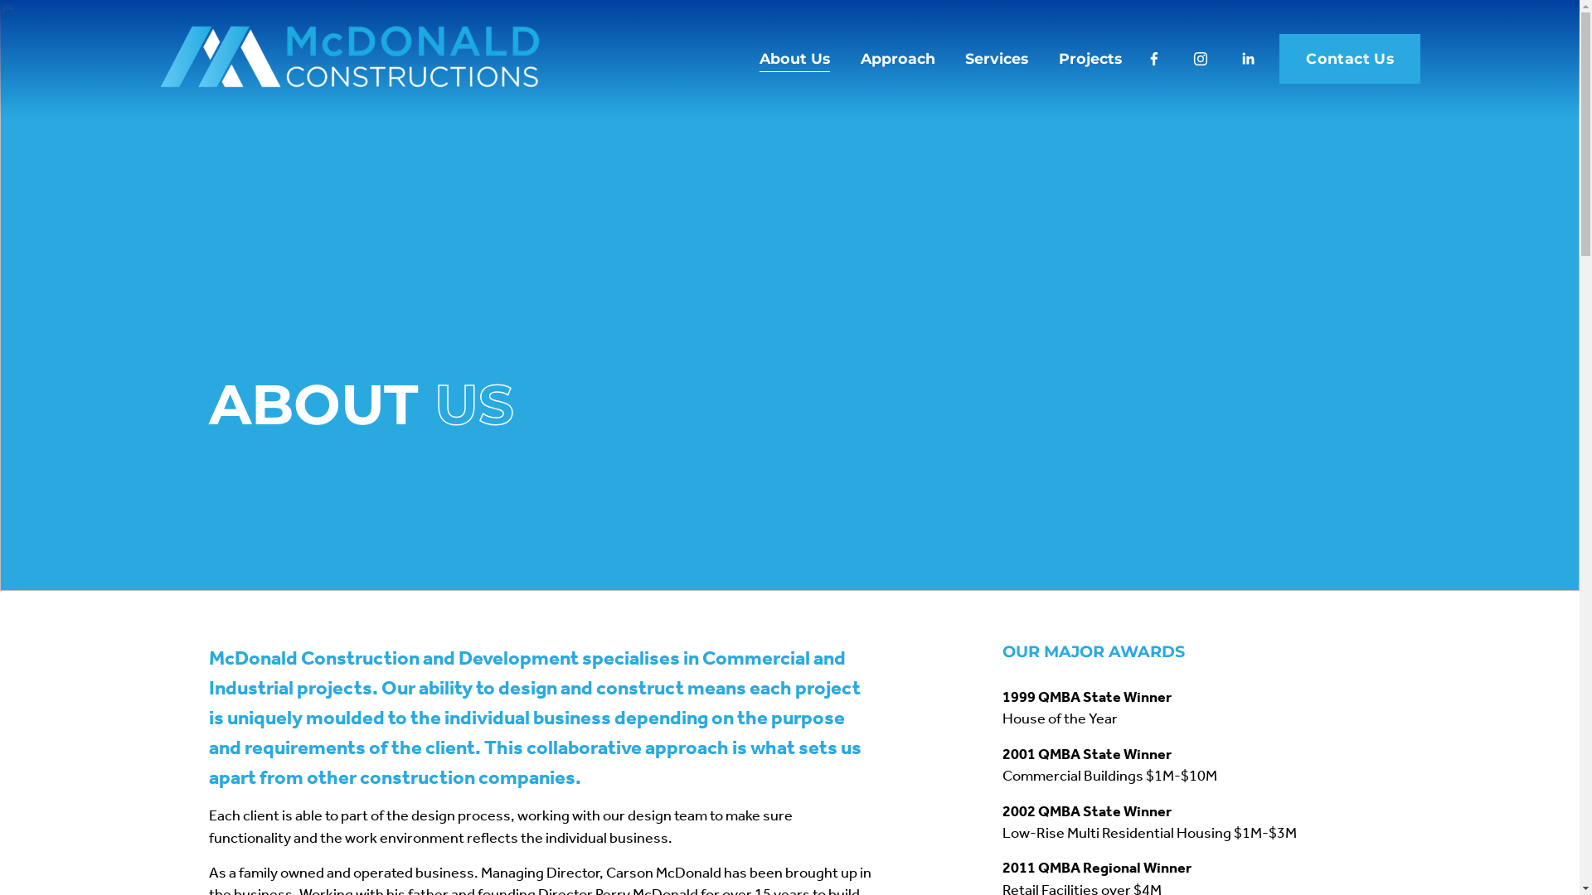  Describe the element at coordinates (995, 57) in the screenshot. I see `'Services'` at that location.